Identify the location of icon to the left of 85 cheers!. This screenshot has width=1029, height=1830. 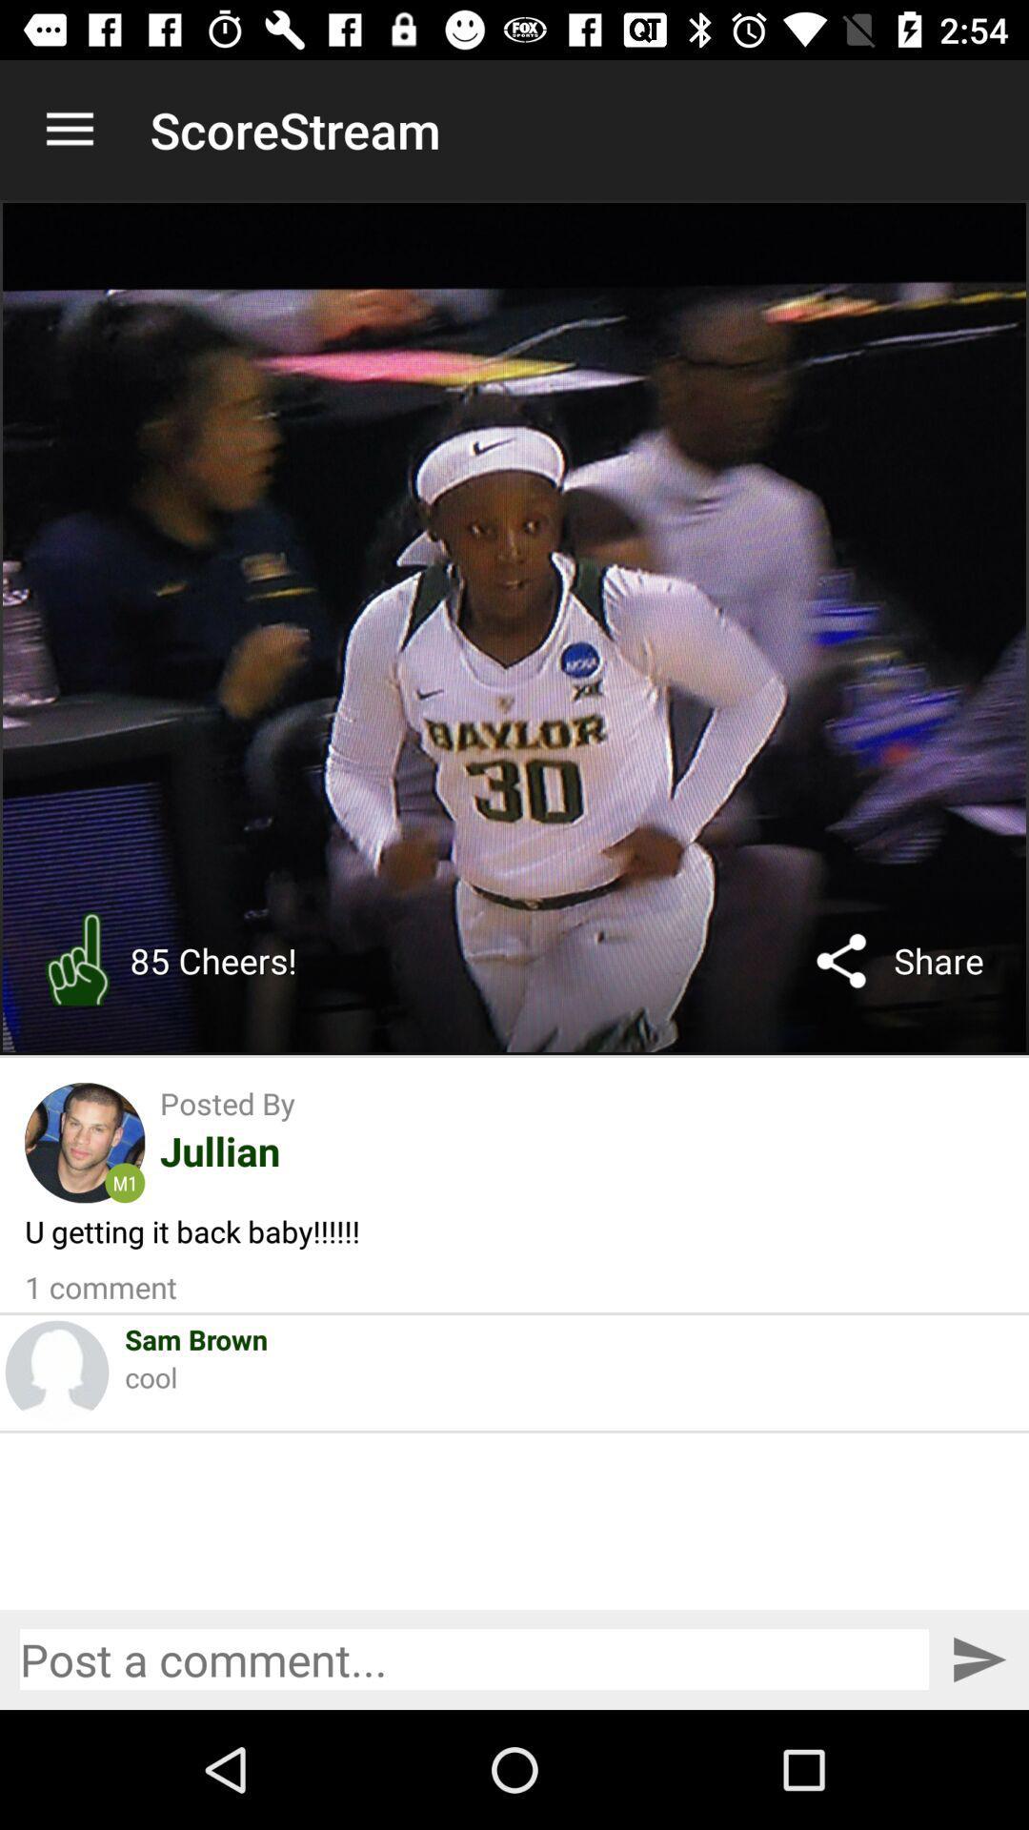
(76, 961).